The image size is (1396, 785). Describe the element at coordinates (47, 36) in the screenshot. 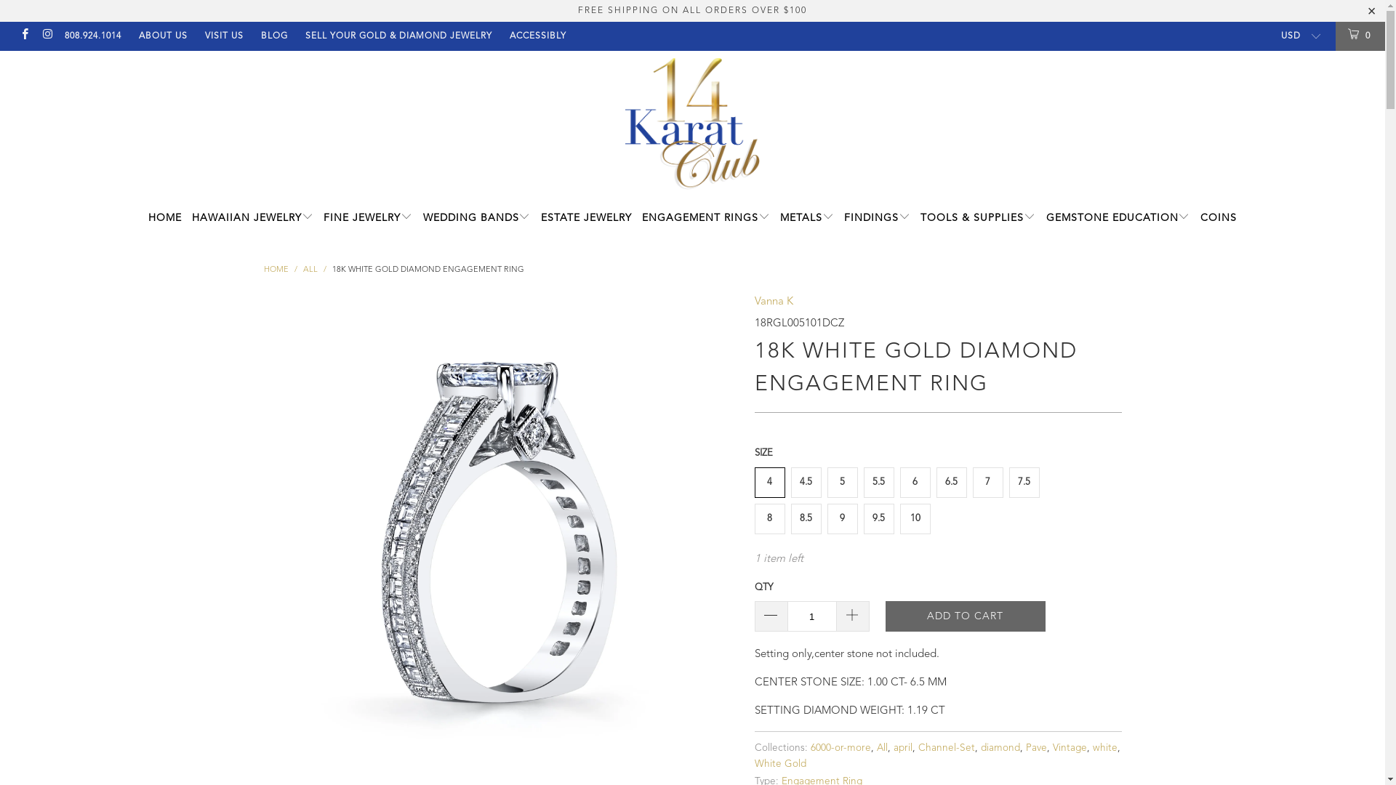

I see `'14 Karat Club on Instagram'` at that location.